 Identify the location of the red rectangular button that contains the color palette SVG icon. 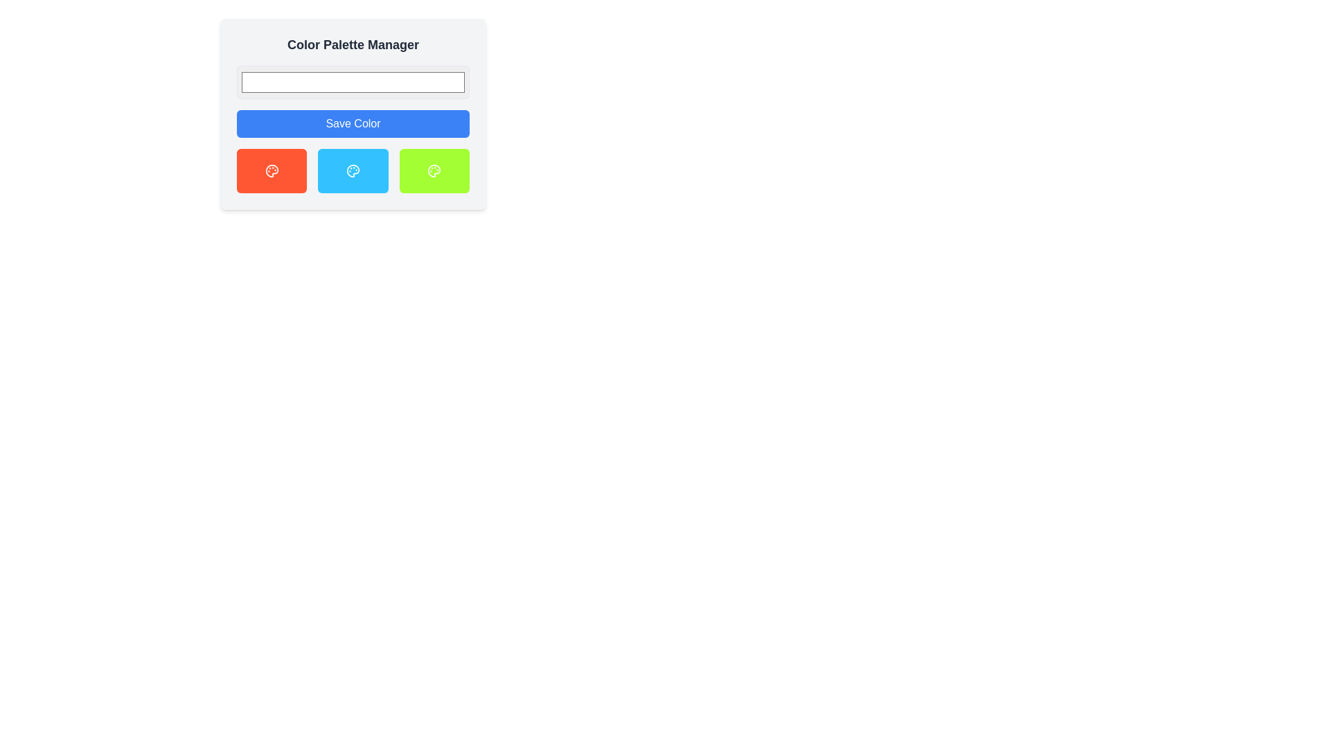
(272, 170).